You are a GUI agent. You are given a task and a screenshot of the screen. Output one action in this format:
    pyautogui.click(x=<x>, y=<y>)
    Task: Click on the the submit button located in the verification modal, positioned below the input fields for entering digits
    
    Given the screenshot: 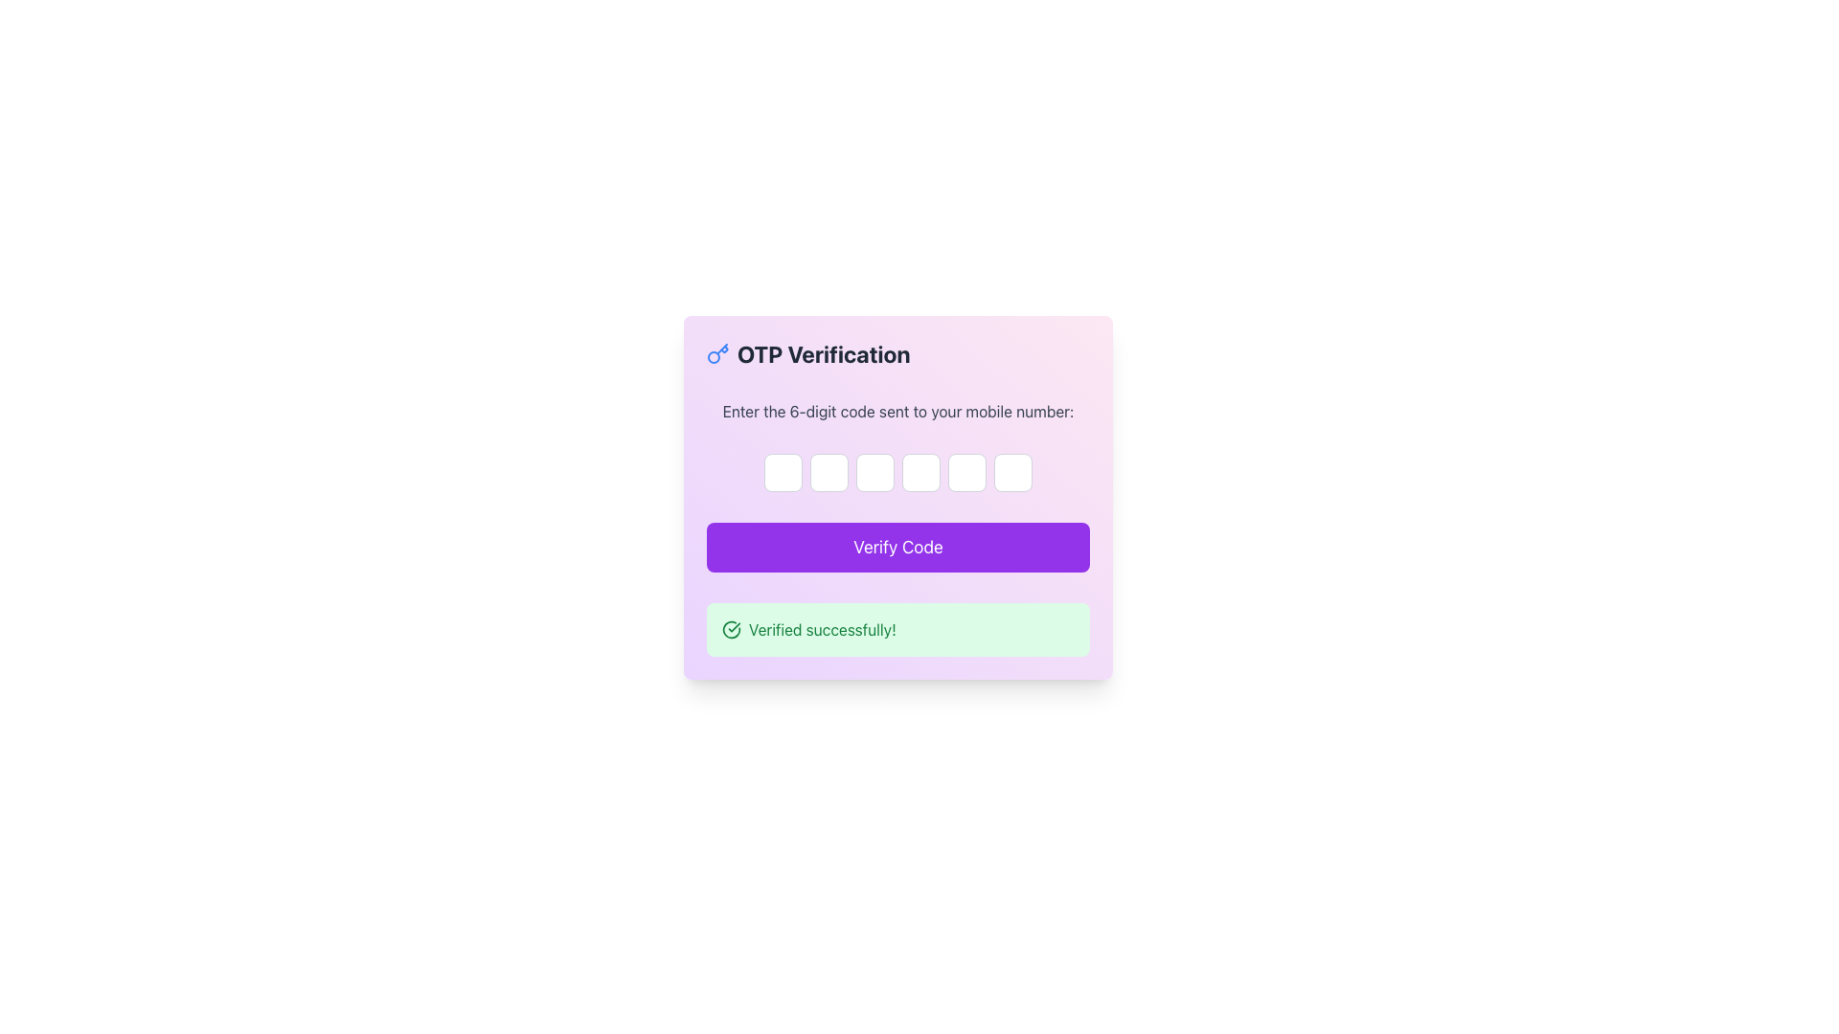 What is the action you would take?
    pyautogui.click(x=897, y=547)
    